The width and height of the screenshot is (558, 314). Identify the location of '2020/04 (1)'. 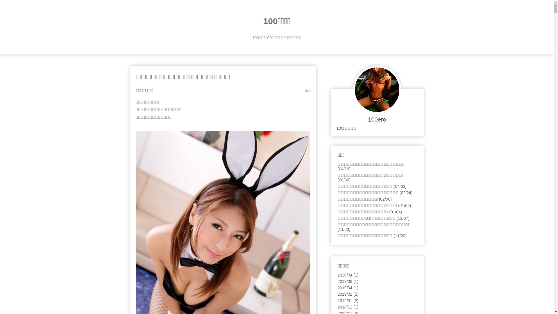
(337, 275).